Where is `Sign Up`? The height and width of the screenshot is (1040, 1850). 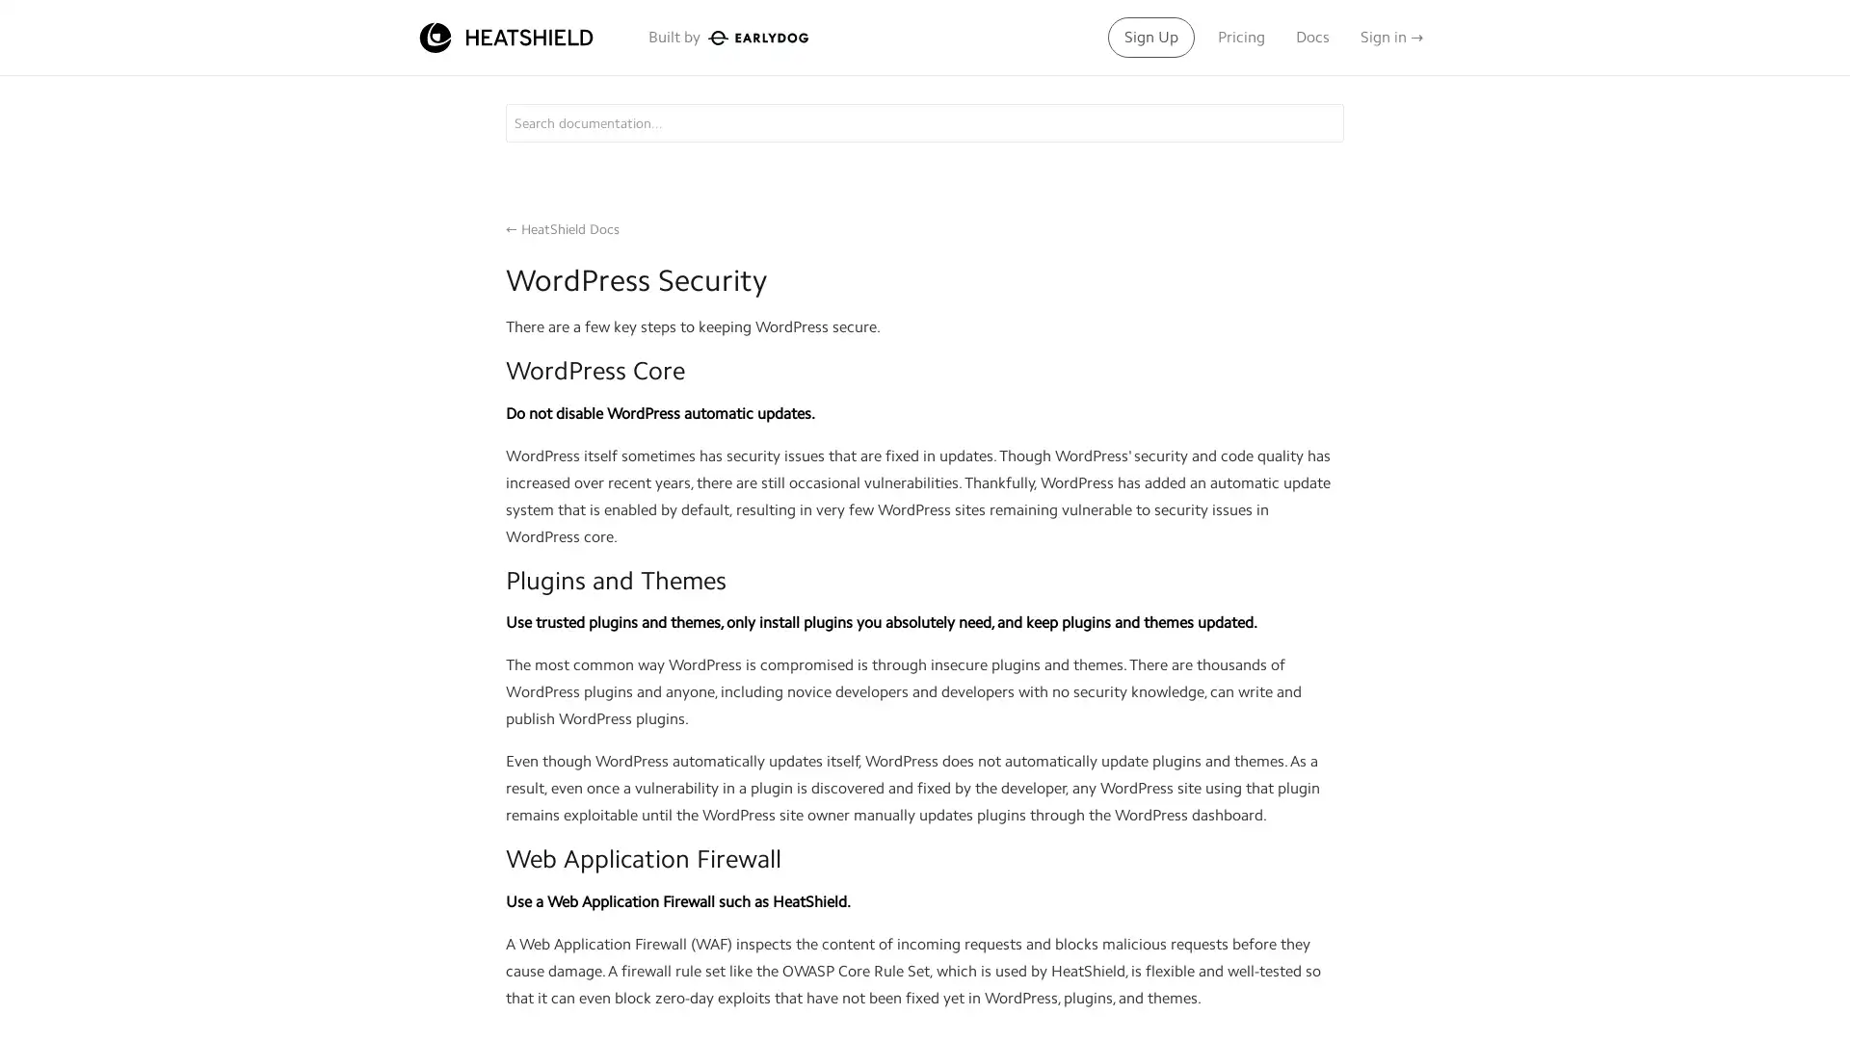
Sign Up is located at coordinates (1151, 37).